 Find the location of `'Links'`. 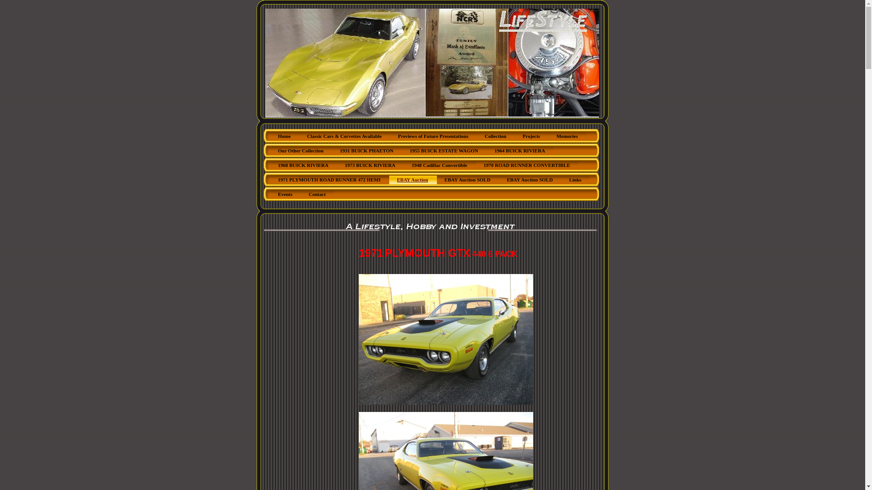

'Links' is located at coordinates (561, 180).